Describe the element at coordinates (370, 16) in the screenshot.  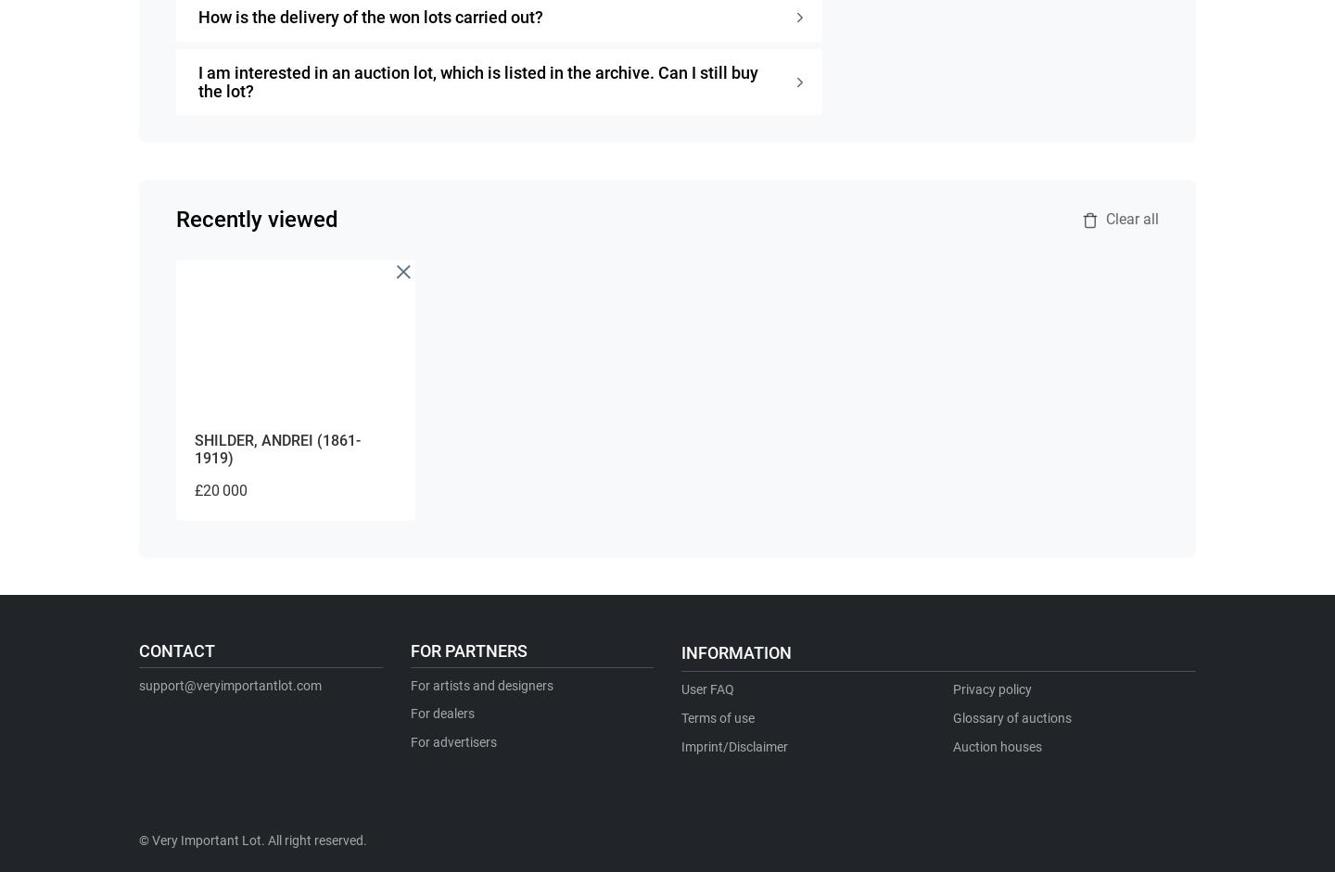
I see `'How is the delivery of the won lots carried out?'` at that location.